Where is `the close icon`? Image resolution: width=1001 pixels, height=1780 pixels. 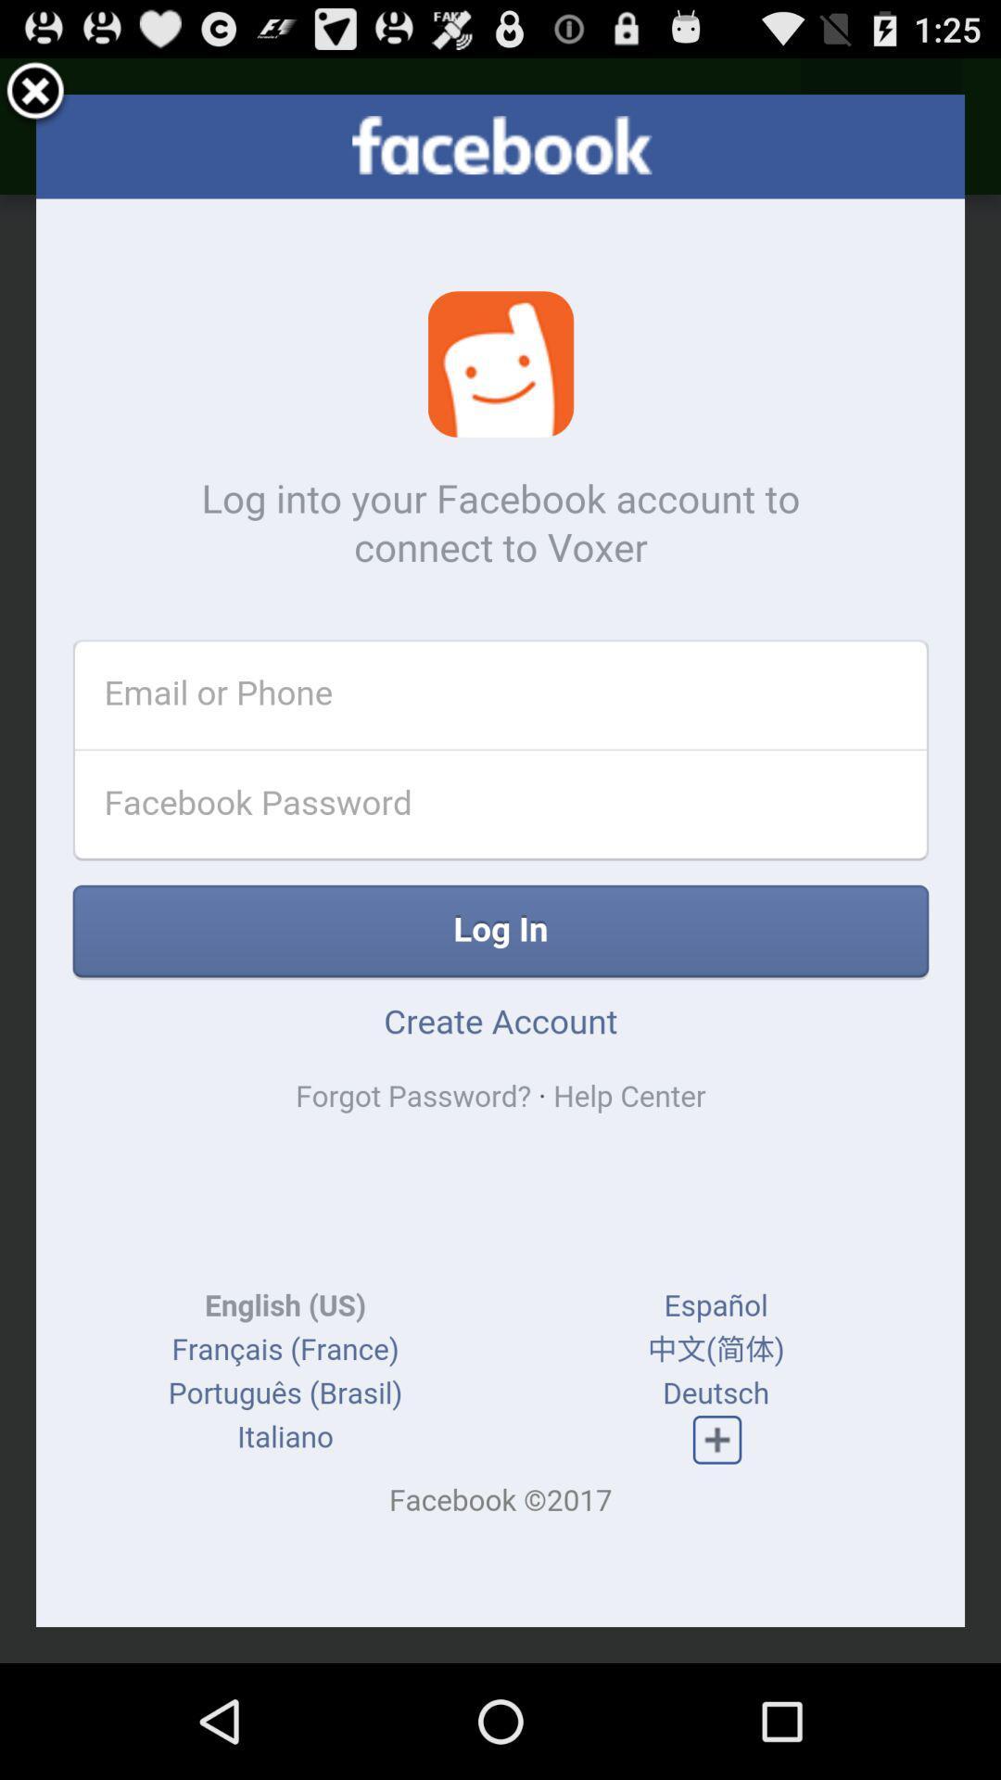
the close icon is located at coordinates (35, 99).